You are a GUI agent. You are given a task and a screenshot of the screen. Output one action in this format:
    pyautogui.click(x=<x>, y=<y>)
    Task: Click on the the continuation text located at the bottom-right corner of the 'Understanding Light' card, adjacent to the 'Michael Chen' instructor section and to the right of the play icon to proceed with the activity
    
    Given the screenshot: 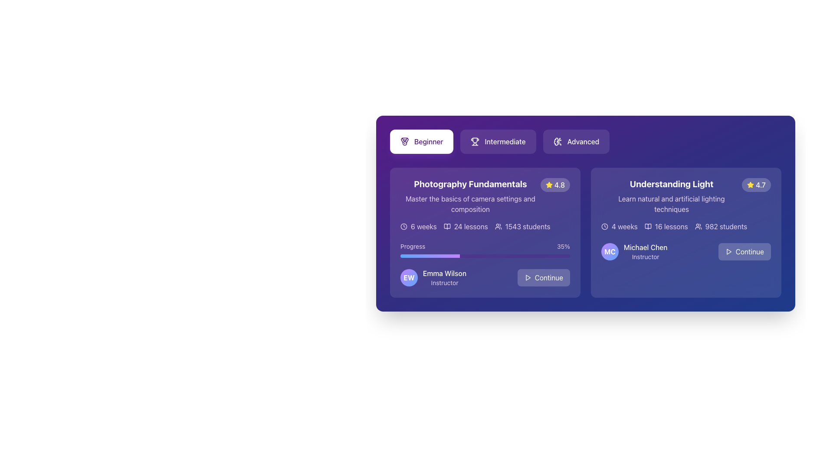 What is the action you would take?
    pyautogui.click(x=749, y=252)
    